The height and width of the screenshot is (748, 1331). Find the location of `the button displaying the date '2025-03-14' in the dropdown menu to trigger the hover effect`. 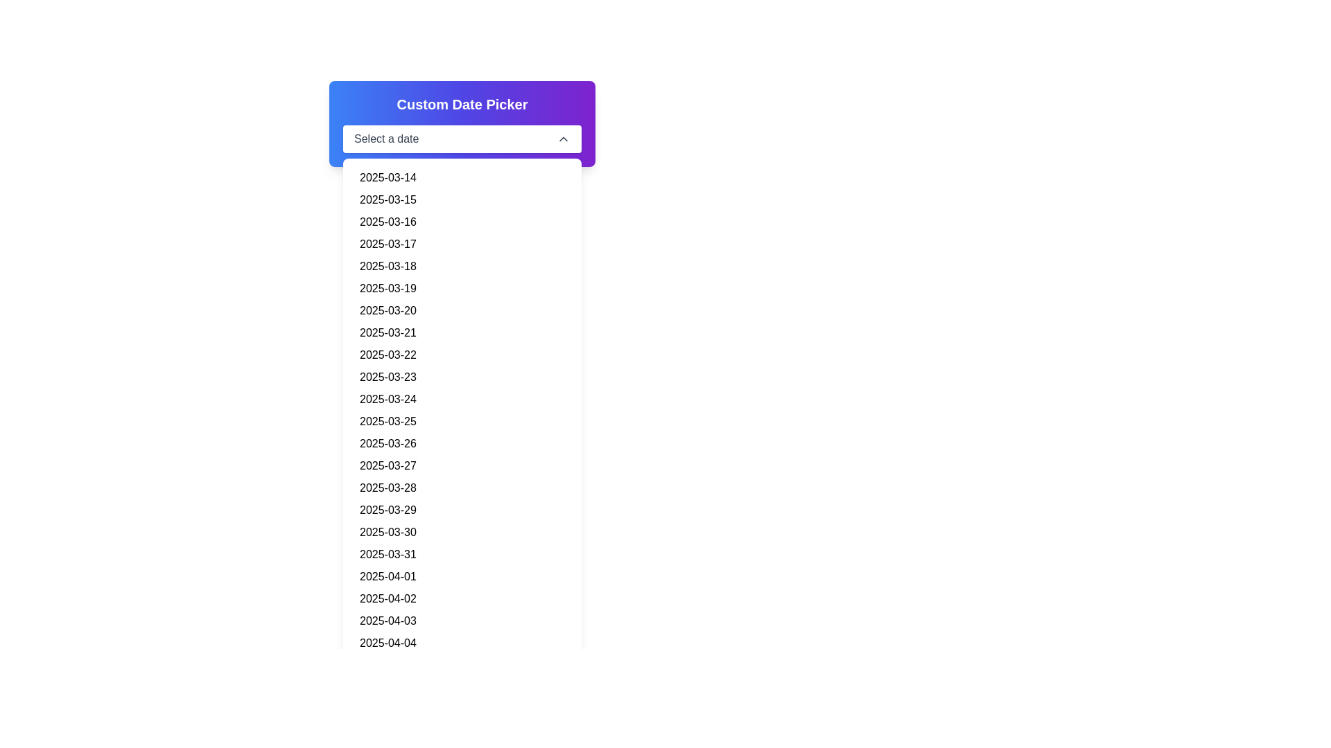

the button displaying the date '2025-03-14' in the dropdown menu to trigger the hover effect is located at coordinates (462, 177).